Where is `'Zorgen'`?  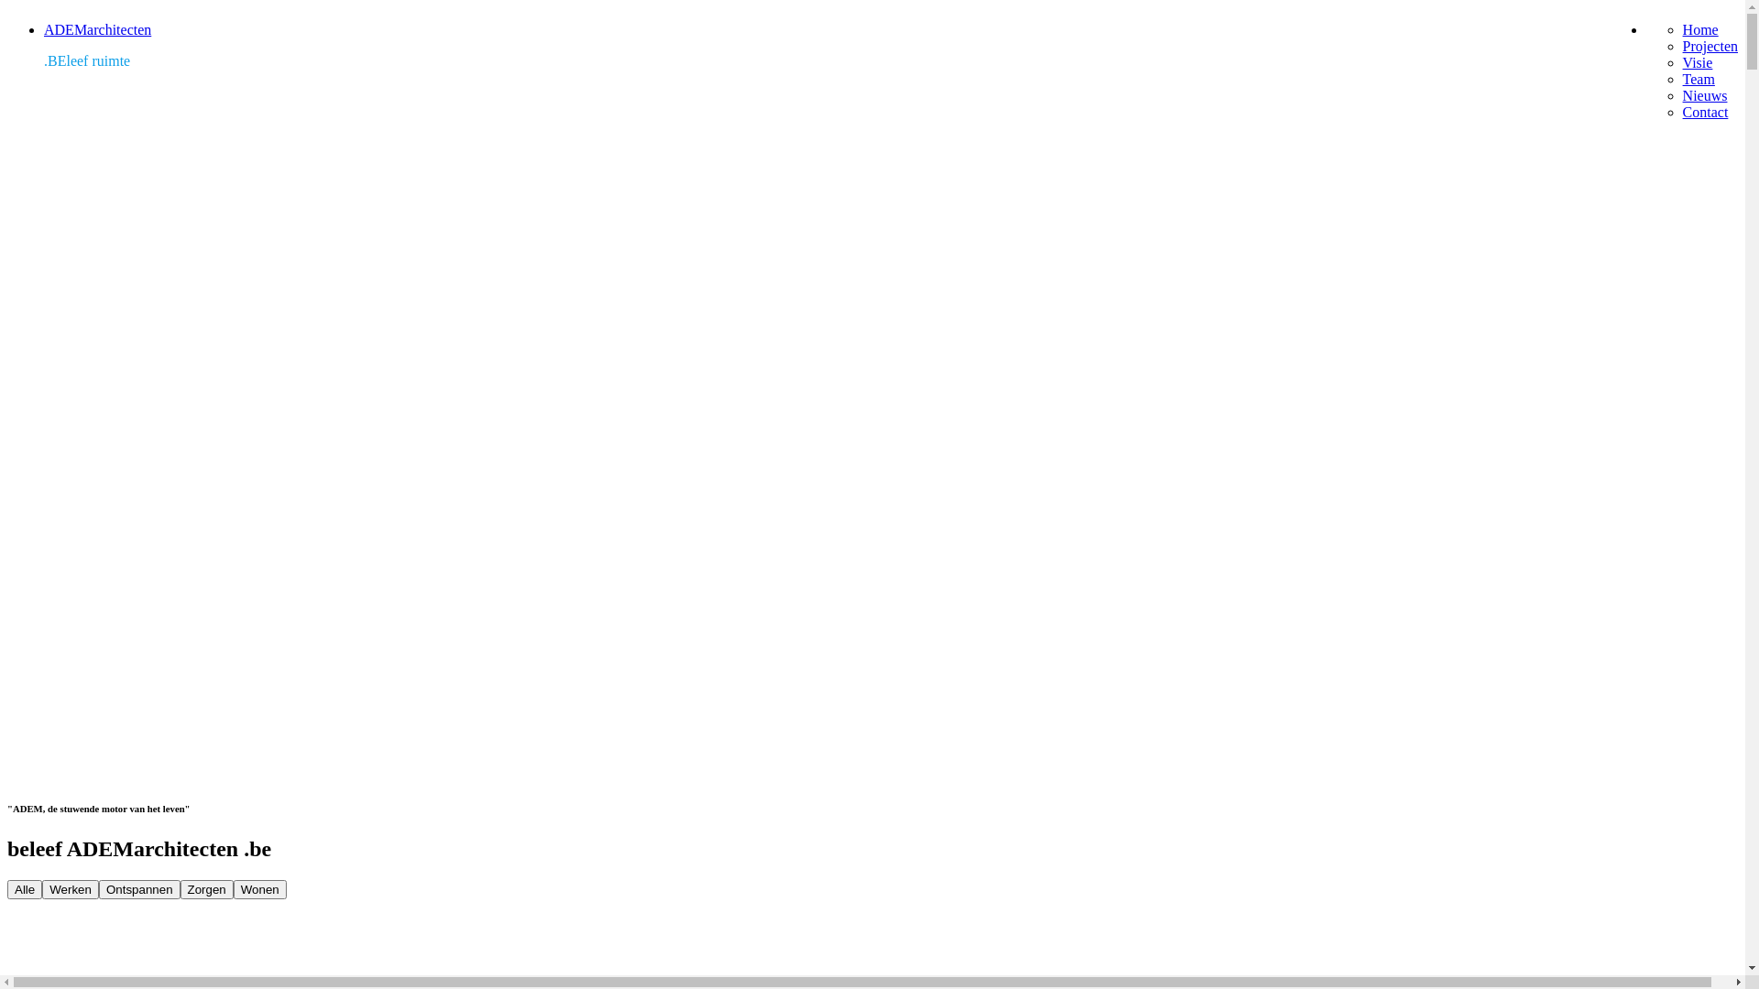
'Zorgen' is located at coordinates (206, 888).